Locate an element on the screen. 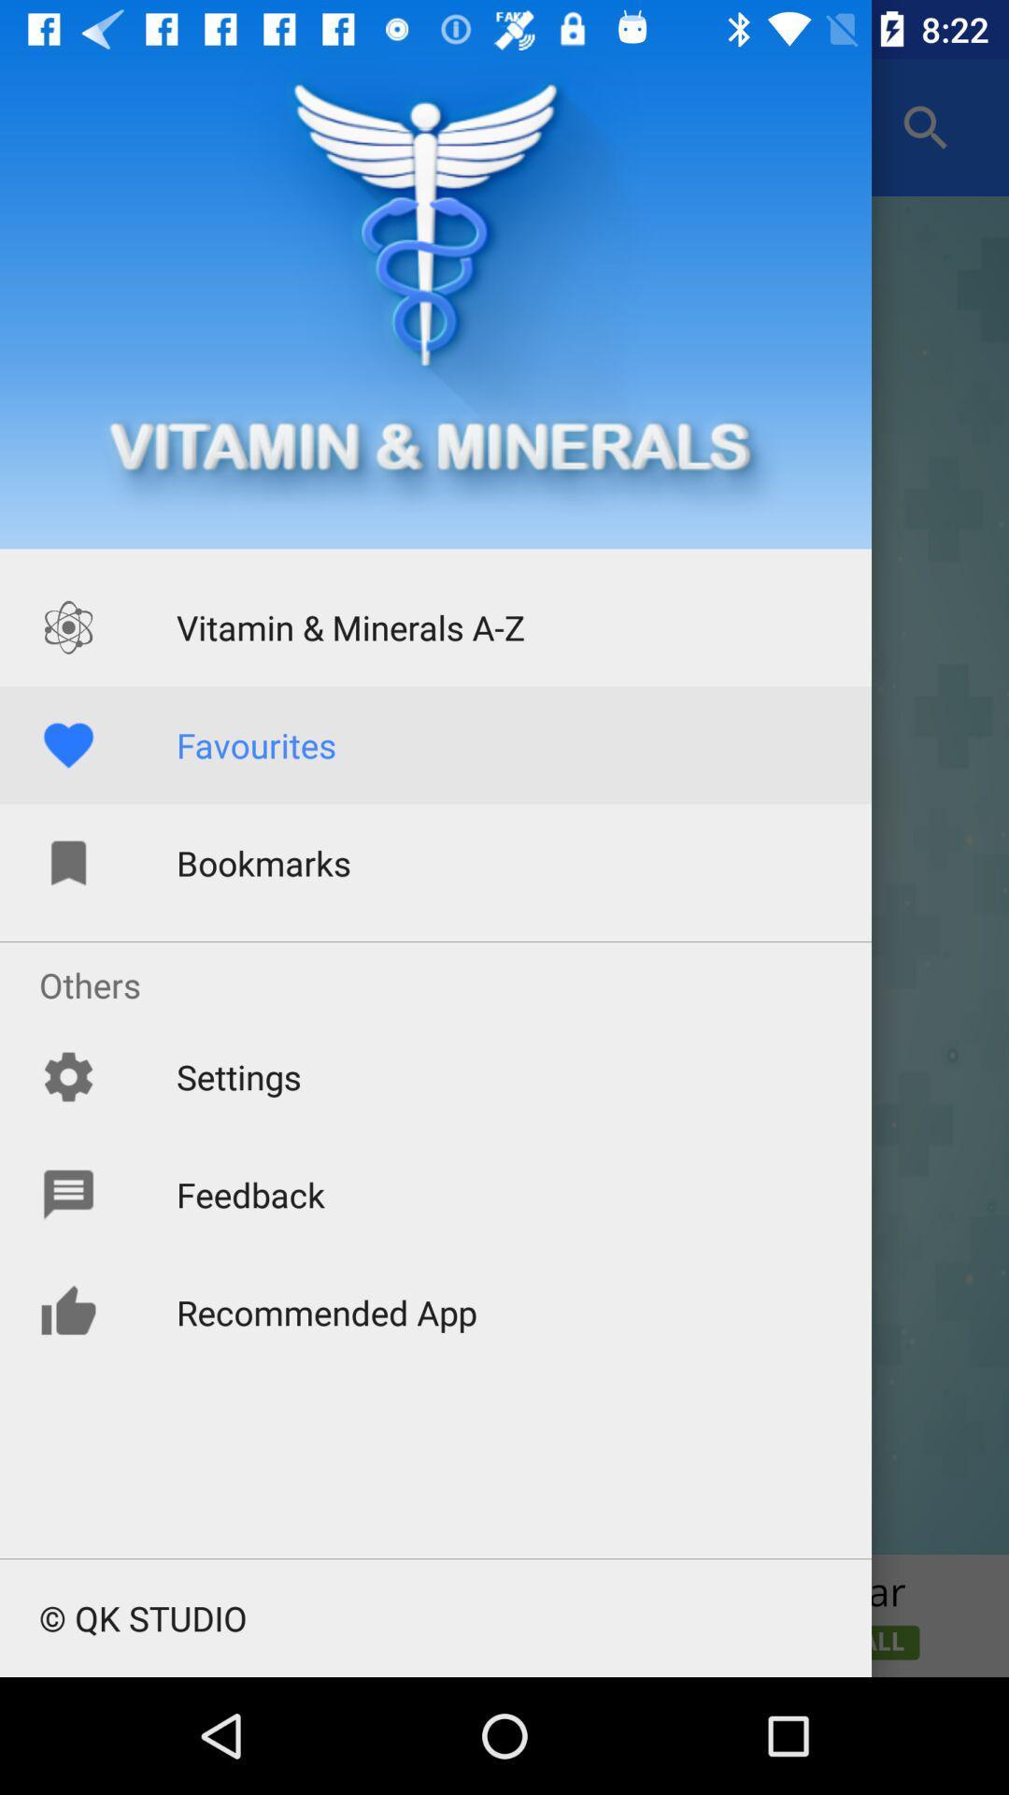  icon left to bookmarks is located at coordinates (67, 862).